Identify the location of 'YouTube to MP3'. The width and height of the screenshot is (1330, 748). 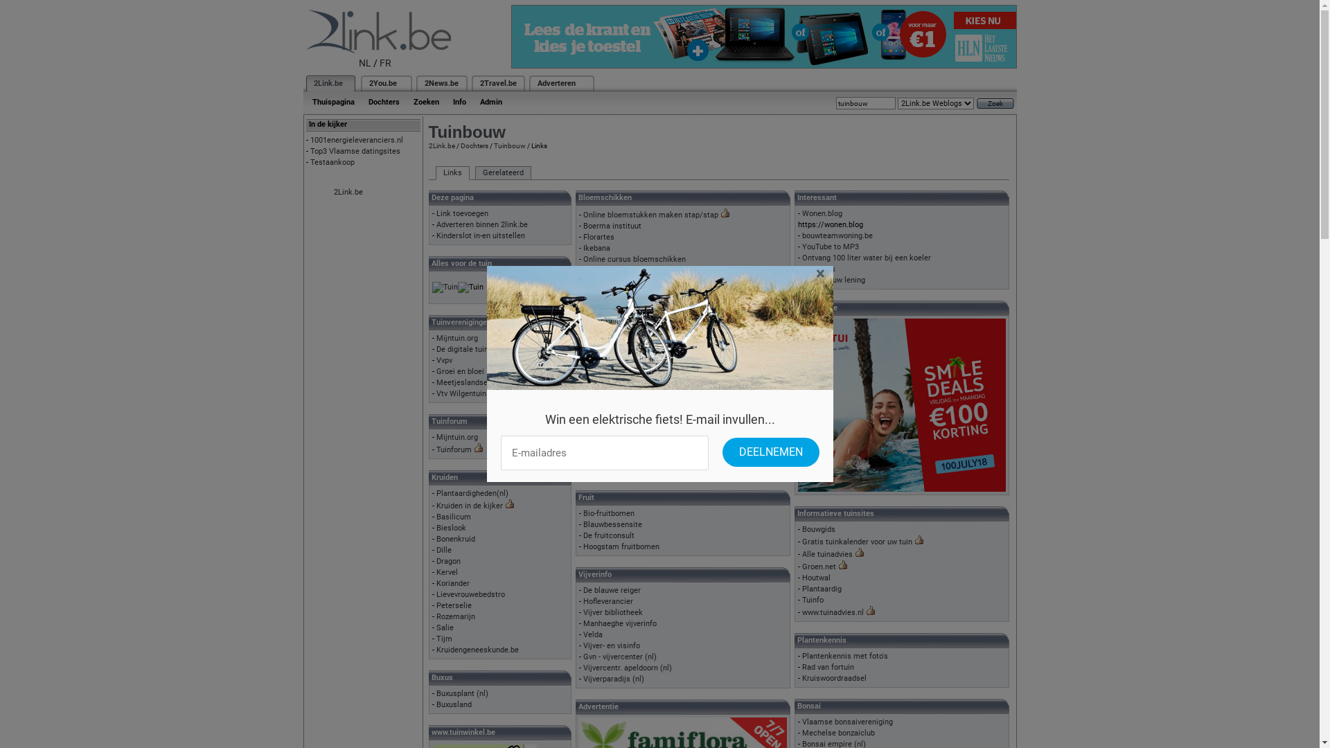
(831, 246).